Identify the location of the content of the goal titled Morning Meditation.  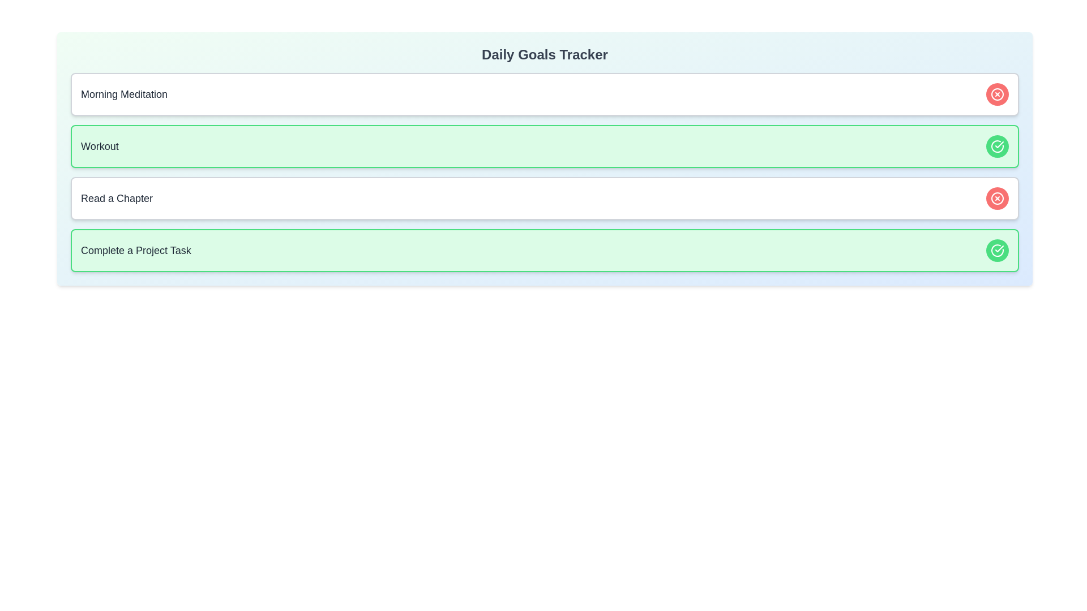
(124, 93).